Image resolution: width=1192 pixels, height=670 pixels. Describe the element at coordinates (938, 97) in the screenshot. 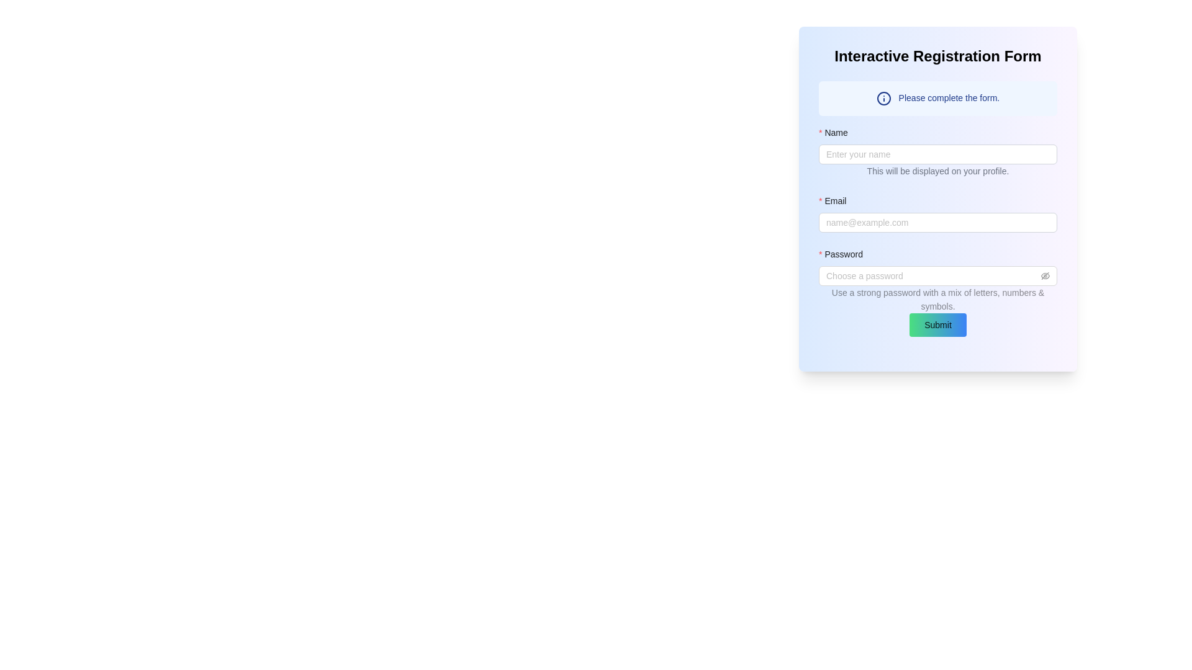

I see `the informational notice or alert box that contains the message 'Please complete the form.' with a light blue background, located at the top of the registration form` at that location.